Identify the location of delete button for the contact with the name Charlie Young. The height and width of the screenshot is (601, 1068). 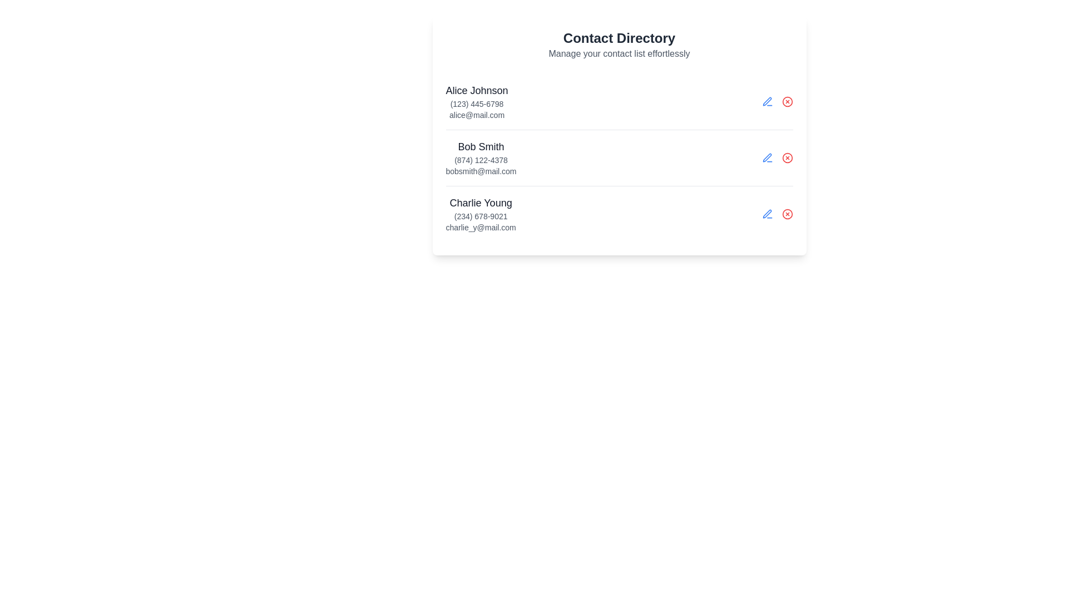
(787, 214).